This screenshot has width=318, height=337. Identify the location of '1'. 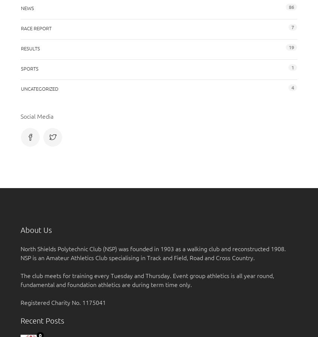
(291, 66).